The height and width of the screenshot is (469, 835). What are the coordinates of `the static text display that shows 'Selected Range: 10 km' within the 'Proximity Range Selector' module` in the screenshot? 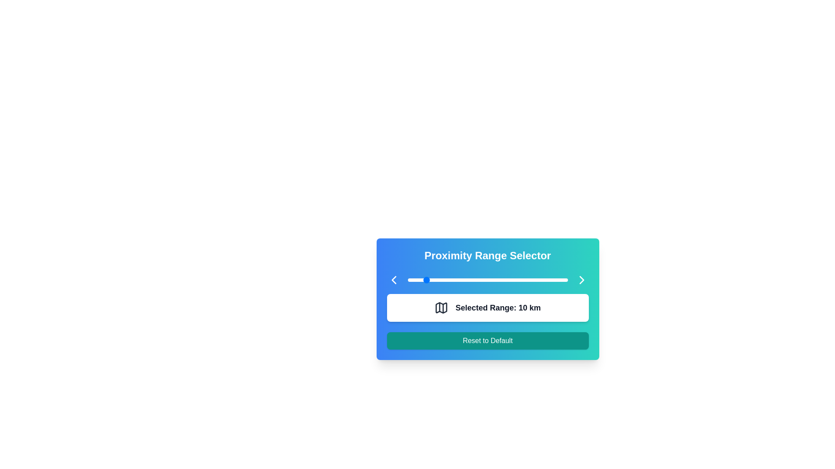 It's located at (498, 307).